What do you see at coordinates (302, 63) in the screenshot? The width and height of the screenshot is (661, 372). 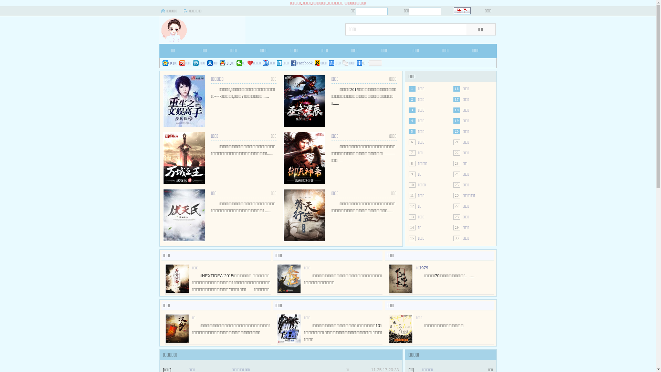 I see `'Facebook'` at bounding box center [302, 63].